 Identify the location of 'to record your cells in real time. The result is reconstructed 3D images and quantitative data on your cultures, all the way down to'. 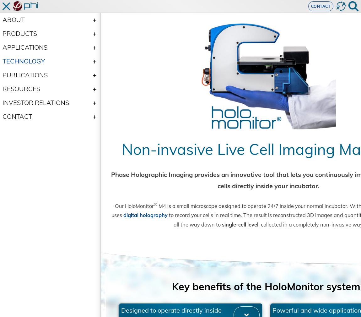
(111, 239).